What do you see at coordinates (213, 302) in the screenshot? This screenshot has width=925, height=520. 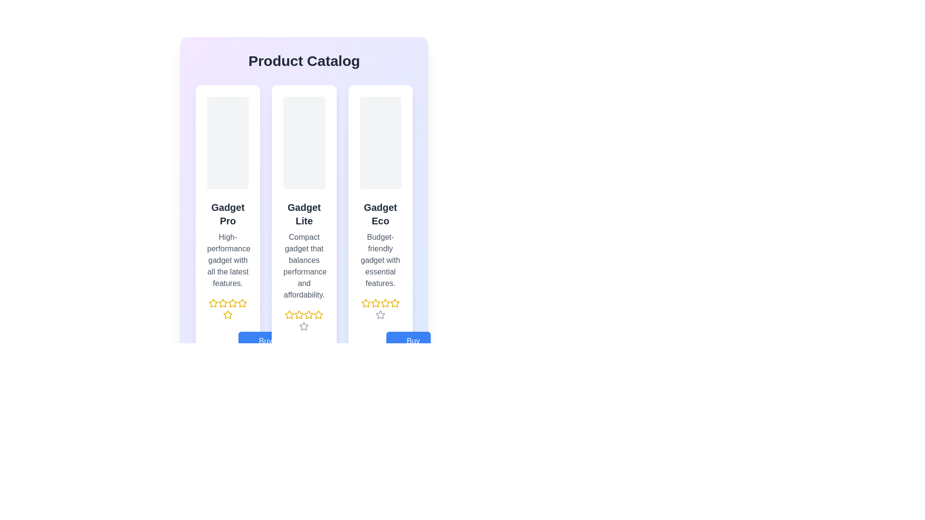 I see `on the first yellow star icon used for rating beneath the text 'Gadget Pro' in the leftmost product card` at bounding box center [213, 302].